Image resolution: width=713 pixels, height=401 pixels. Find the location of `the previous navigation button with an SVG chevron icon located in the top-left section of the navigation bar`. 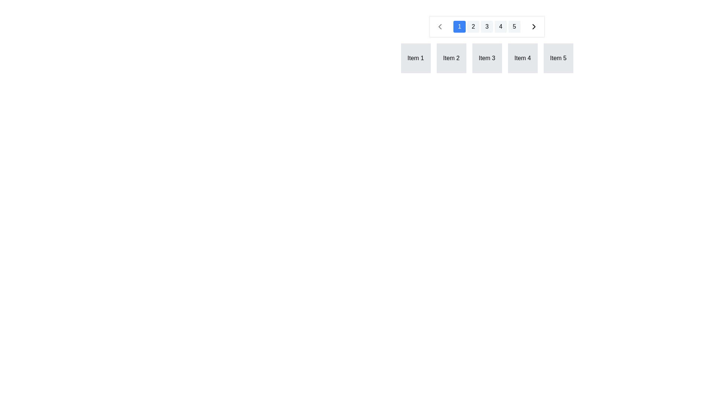

the previous navigation button with an SVG chevron icon located in the top-left section of the navigation bar is located at coordinates (440, 26).